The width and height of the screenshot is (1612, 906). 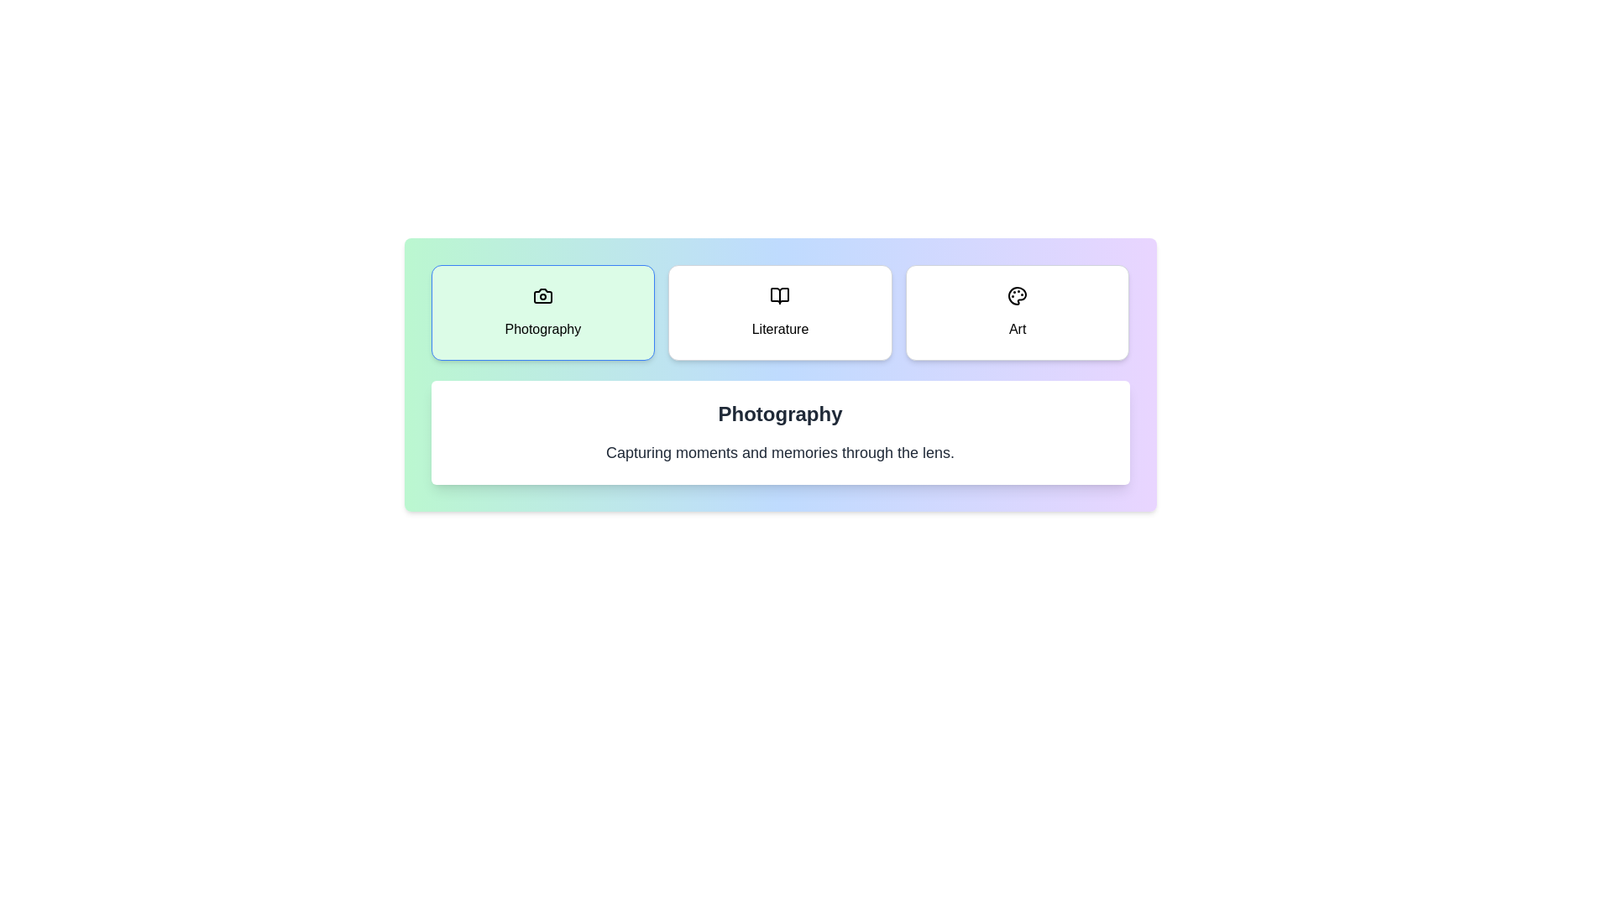 What do you see at coordinates (1017, 313) in the screenshot?
I see `the 'Art' category button, which is the third element in a horizontal trio of selectable categories` at bounding box center [1017, 313].